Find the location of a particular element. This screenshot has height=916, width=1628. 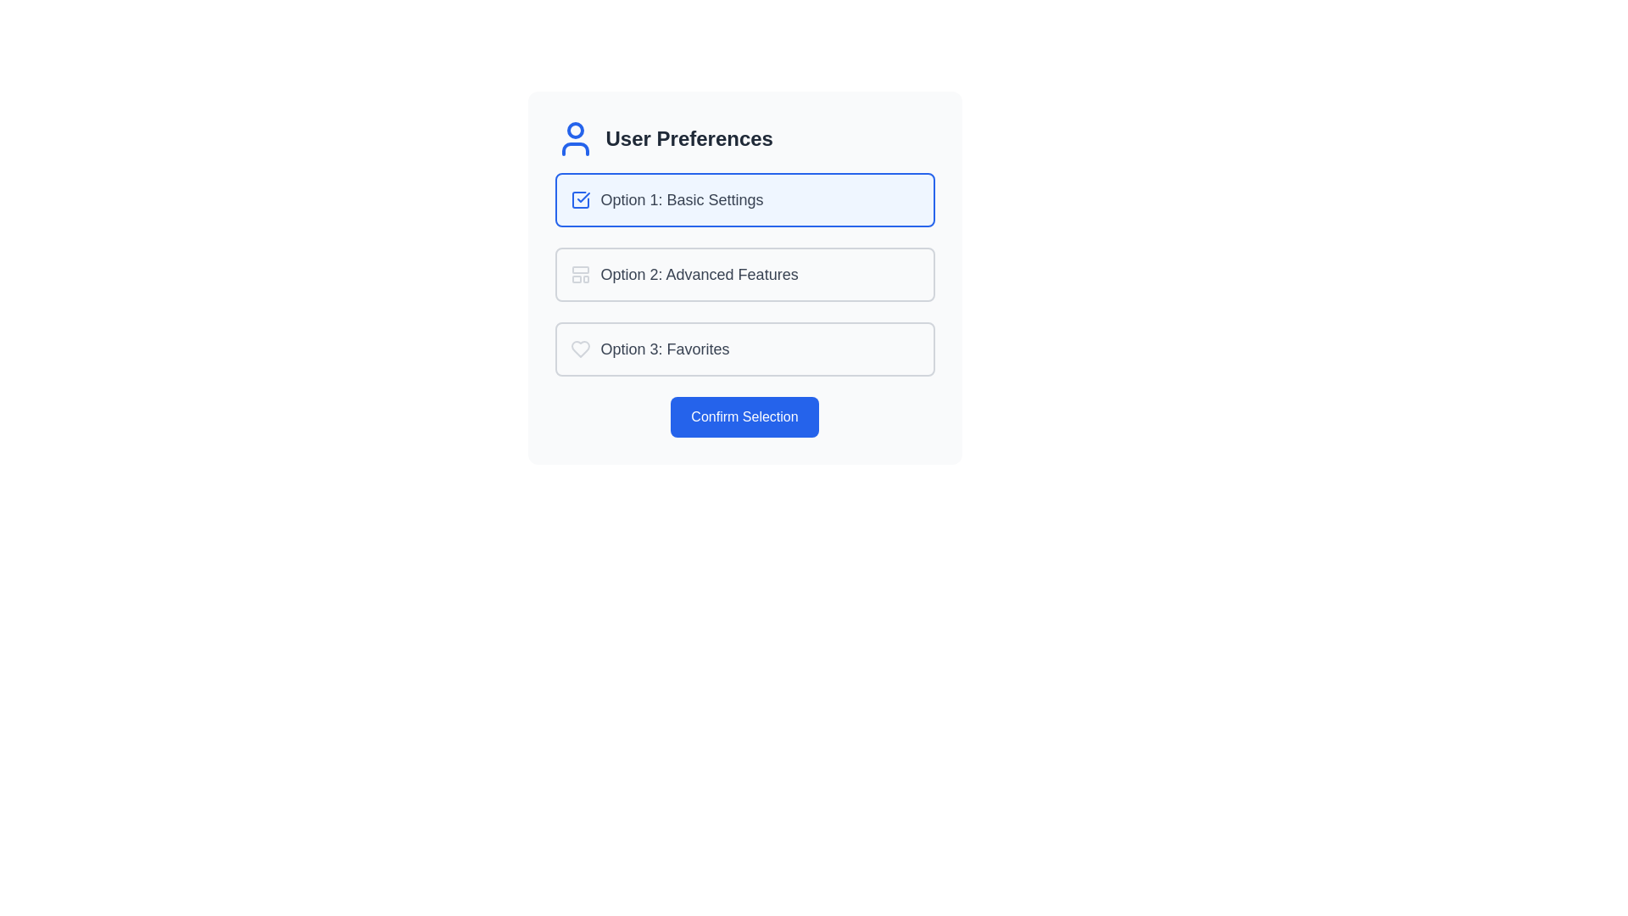

the non-interactive SVG graphical icon representing 'Option 2: Advanced Features', located to the left of the text in the User Preferences list is located at coordinates (580, 274).